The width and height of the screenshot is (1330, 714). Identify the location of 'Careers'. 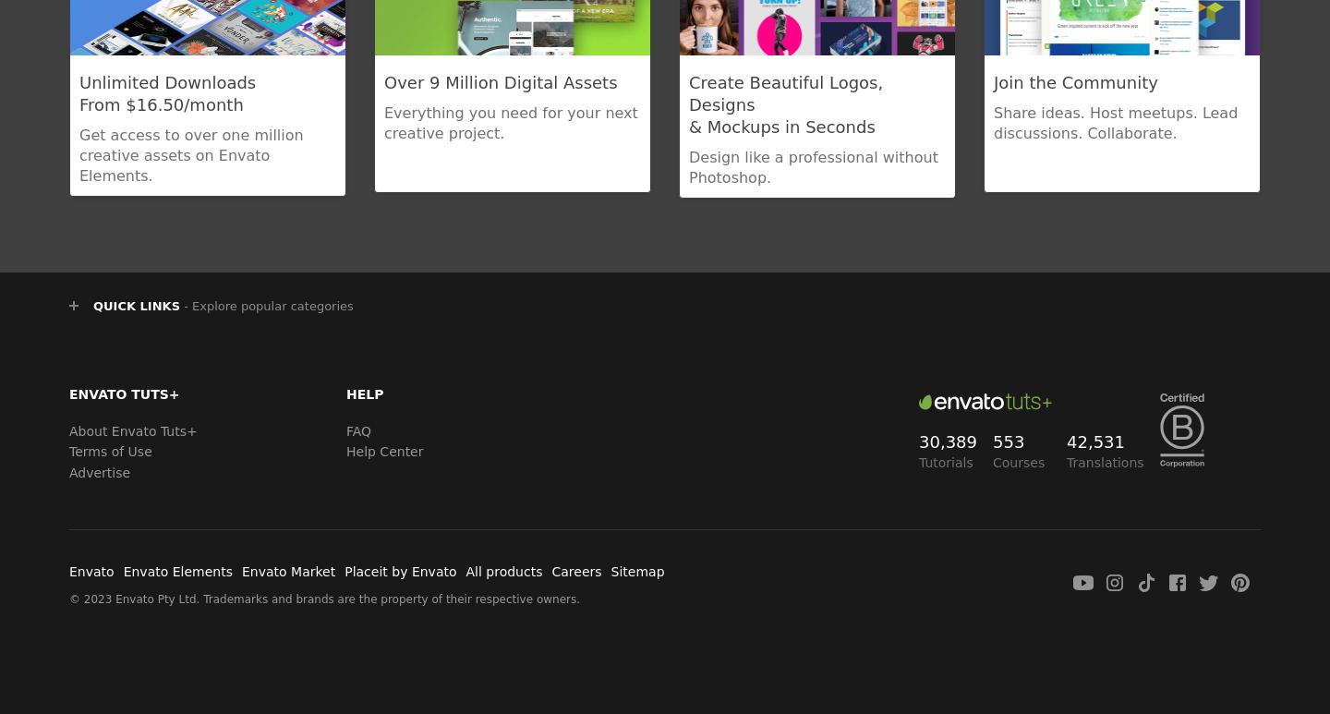
(574, 570).